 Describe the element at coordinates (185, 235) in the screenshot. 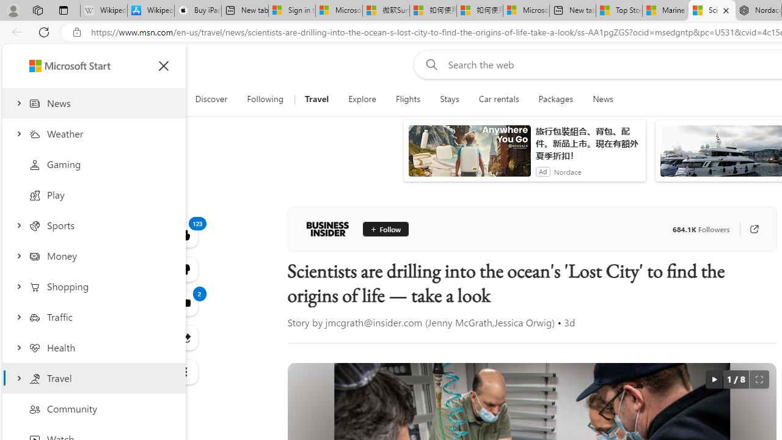

I see `'123 Like'` at that location.